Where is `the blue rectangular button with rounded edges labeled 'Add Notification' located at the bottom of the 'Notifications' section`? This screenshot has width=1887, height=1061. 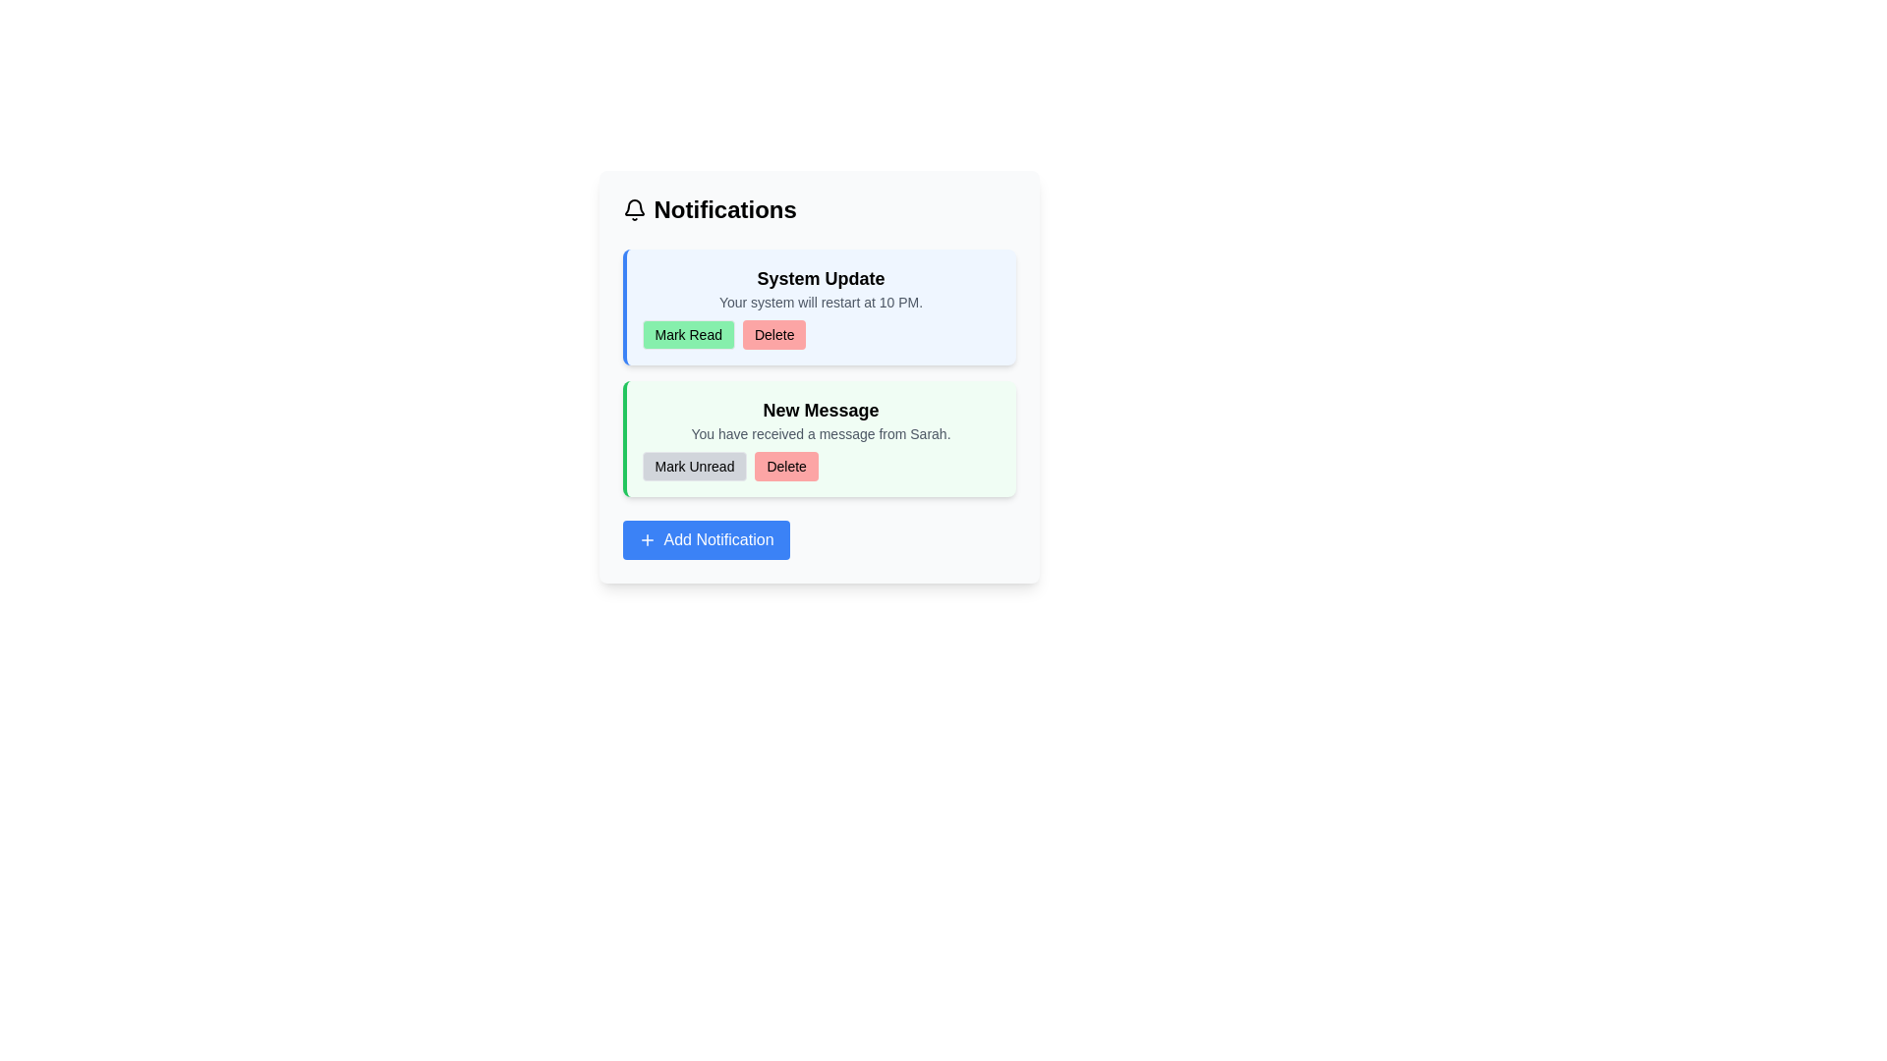 the blue rectangular button with rounded edges labeled 'Add Notification' located at the bottom of the 'Notifications' section is located at coordinates (706, 540).